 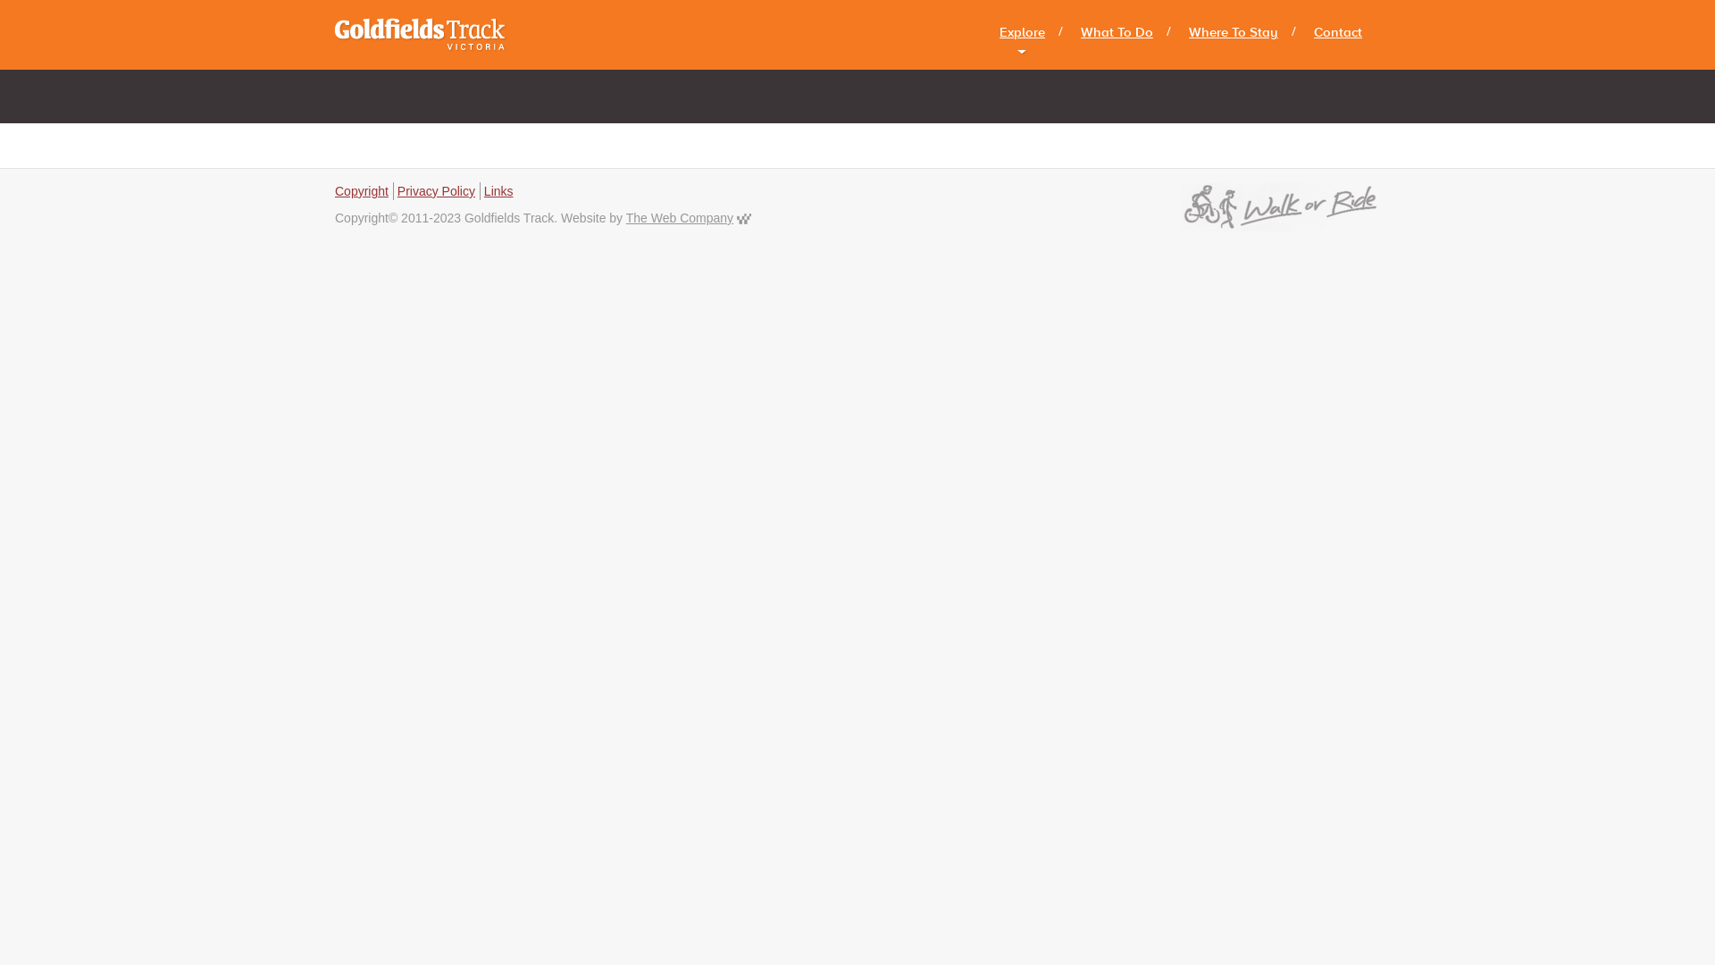 What do you see at coordinates (679, 216) in the screenshot?
I see `'The Web Company'` at bounding box center [679, 216].